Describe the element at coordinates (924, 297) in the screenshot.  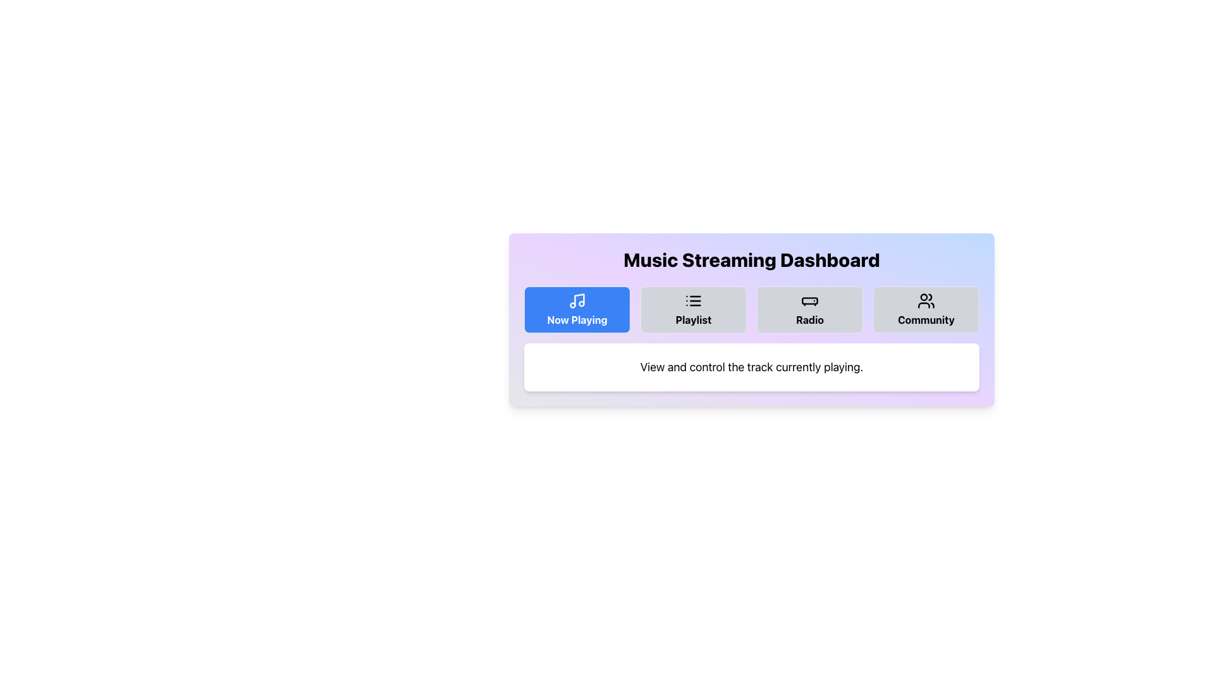
I see `the circular graphic located within the 'Community' icon on the music streaming dashboard, positioned in the top-right corner of the dashboard menu bar` at that location.